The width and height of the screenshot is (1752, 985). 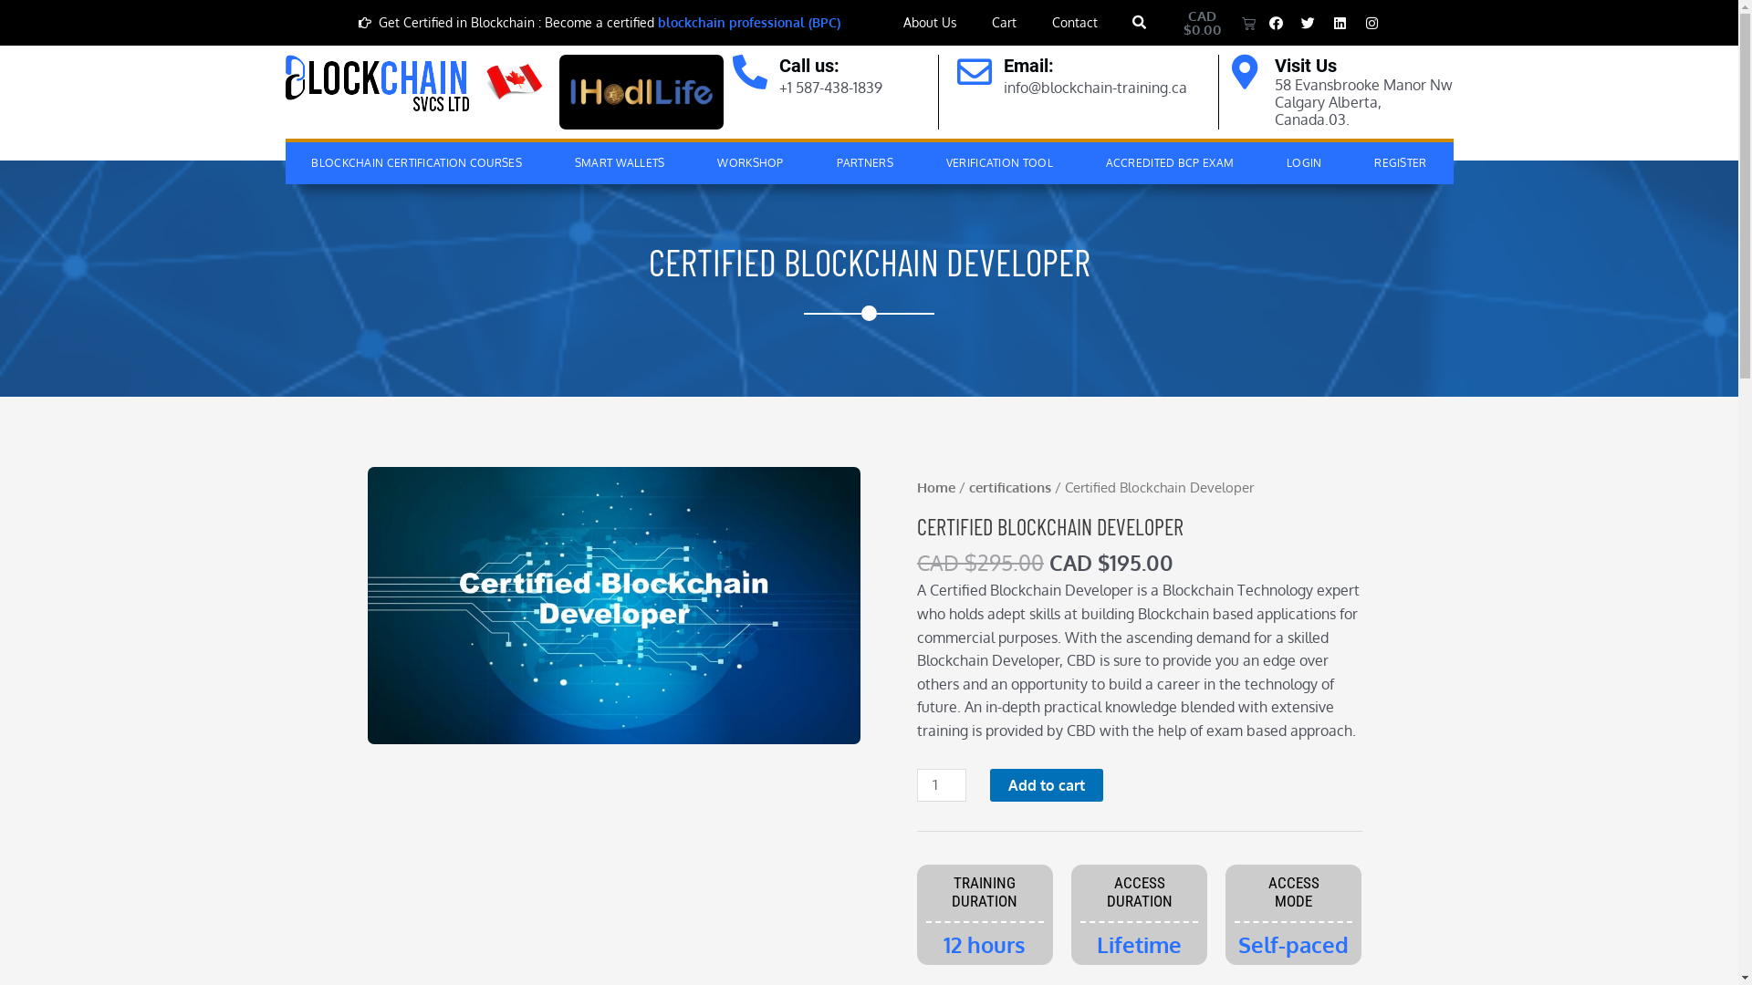 I want to click on 'Instagram', so click(x=1371, y=22).